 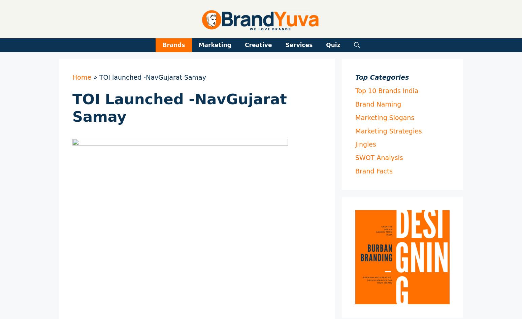 I want to click on 'Services', so click(x=299, y=45).